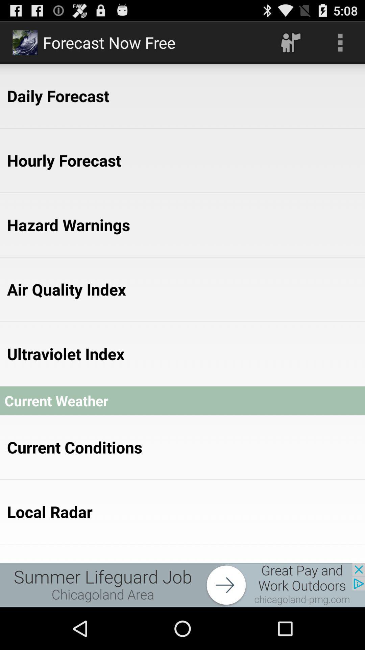 Image resolution: width=365 pixels, height=650 pixels. I want to click on details about advertisement, so click(182, 585).